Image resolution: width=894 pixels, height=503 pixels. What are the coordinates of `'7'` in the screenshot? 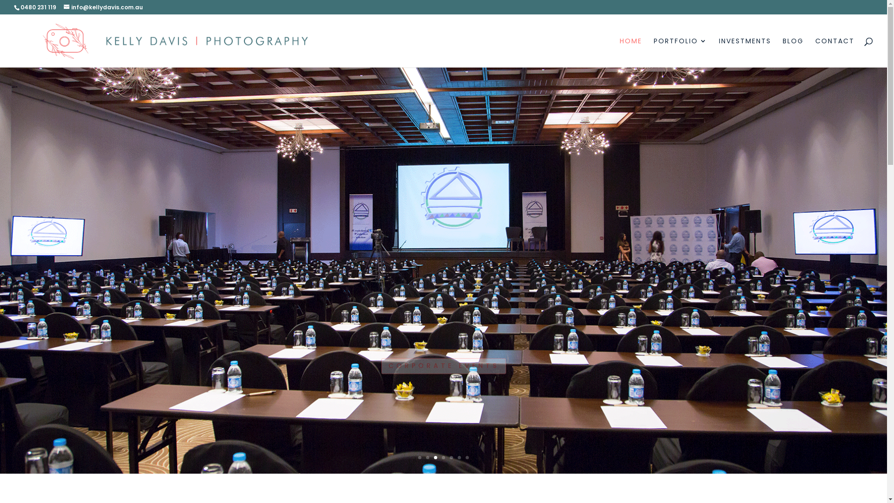 It's located at (465, 457).